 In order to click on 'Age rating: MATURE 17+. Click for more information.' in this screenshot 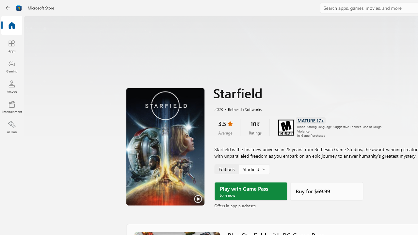, I will do `click(310, 120)`.